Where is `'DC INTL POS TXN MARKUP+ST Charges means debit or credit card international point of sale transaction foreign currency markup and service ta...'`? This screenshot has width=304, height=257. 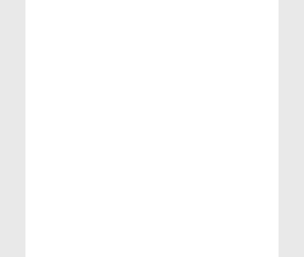
'DC INTL POS TXN MARKUP+ST Charges means debit or credit card international point of sale transaction foreign currency markup and service ta...' is located at coordinates (244, 142).